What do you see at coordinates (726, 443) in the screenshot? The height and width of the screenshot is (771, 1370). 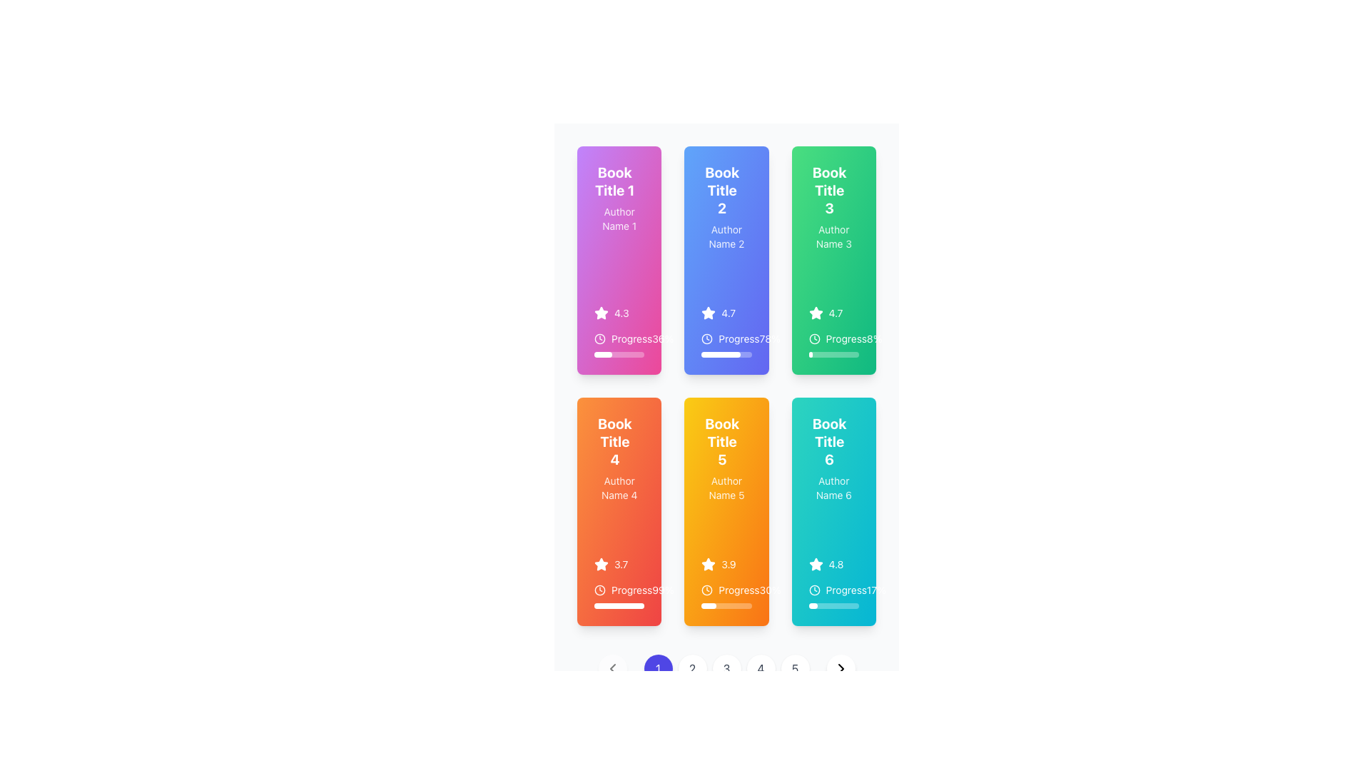 I see `the Text header displaying the title 'Book Title 5' associated with 'Author Name 5' within the card` at bounding box center [726, 443].